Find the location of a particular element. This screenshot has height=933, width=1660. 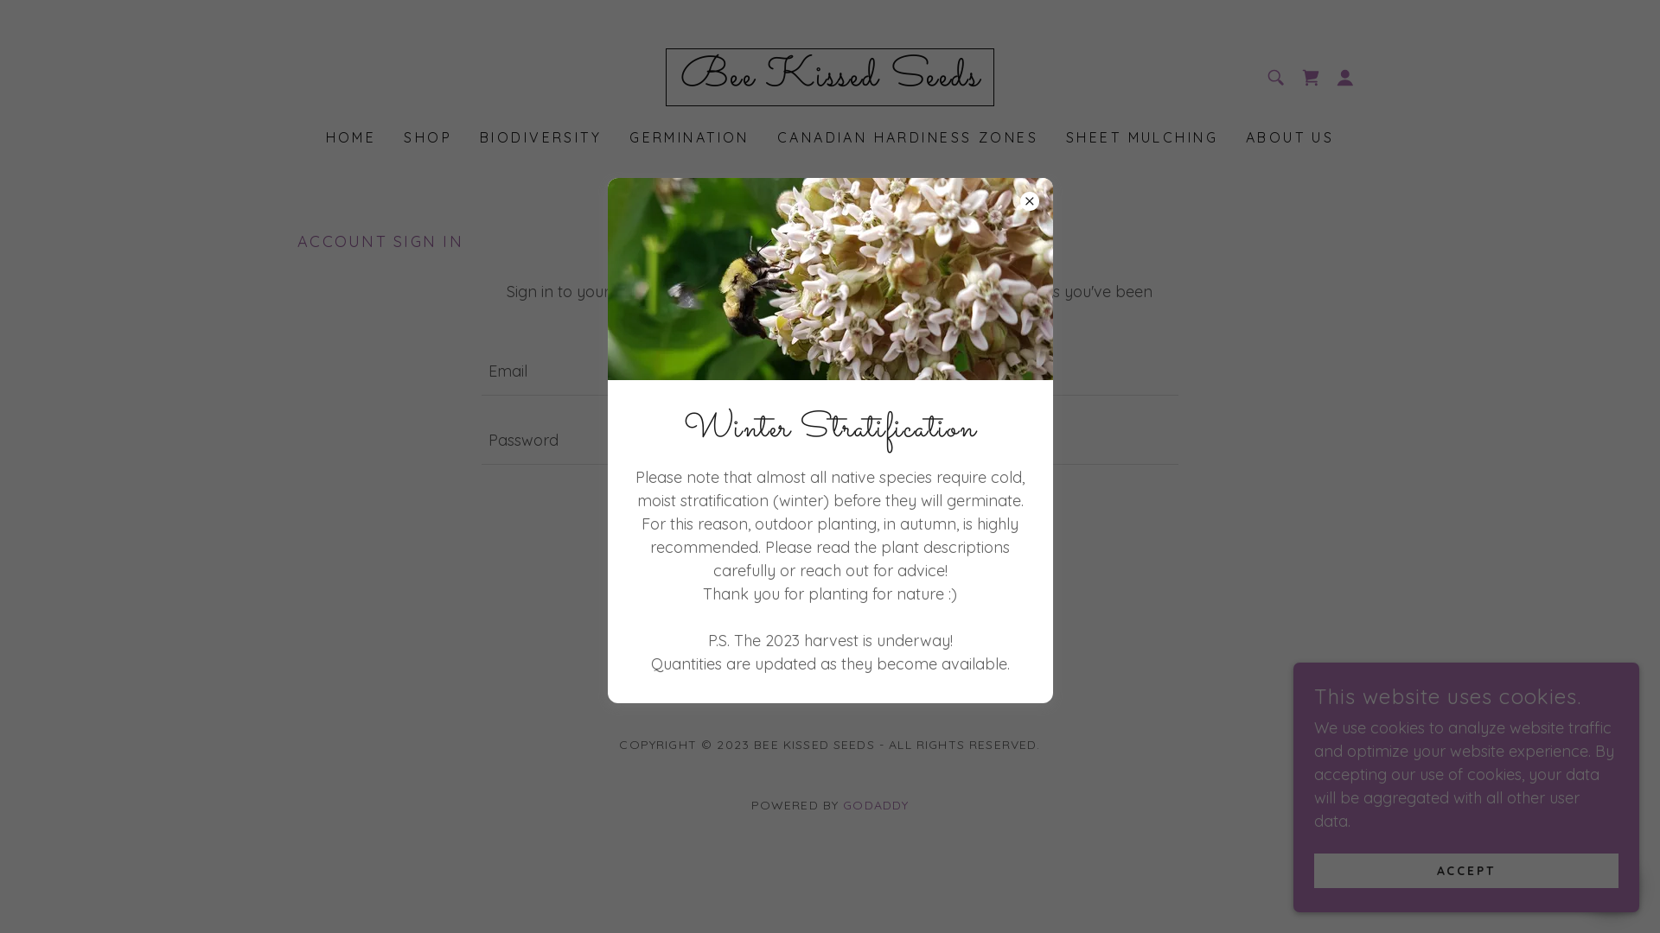

'ACCEPT' is located at coordinates (1465, 870).